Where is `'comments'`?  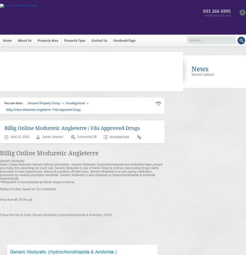
'comments' is located at coordinates (48, 189).